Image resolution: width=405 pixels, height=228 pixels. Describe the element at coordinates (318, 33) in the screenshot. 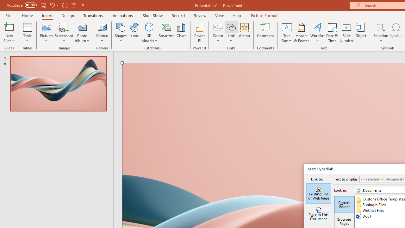

I see `'WordArt'` at that location.